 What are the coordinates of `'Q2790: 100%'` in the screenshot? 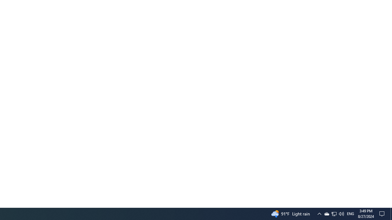 It's located at (341, 213).